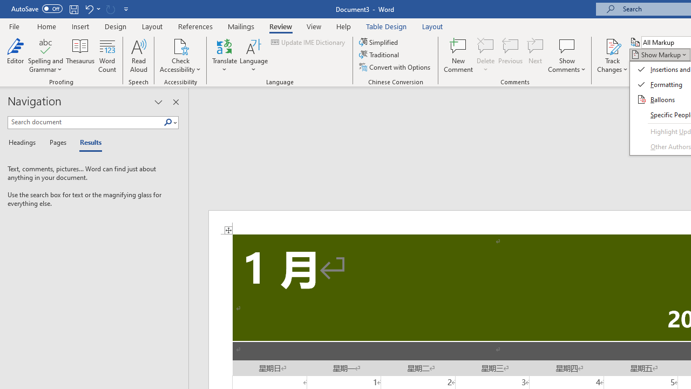 The width and height of the screenshot is (691, 389). Describe the element at coordinates (485, 56) in the screenshot. I see `'Delete'` at that location.